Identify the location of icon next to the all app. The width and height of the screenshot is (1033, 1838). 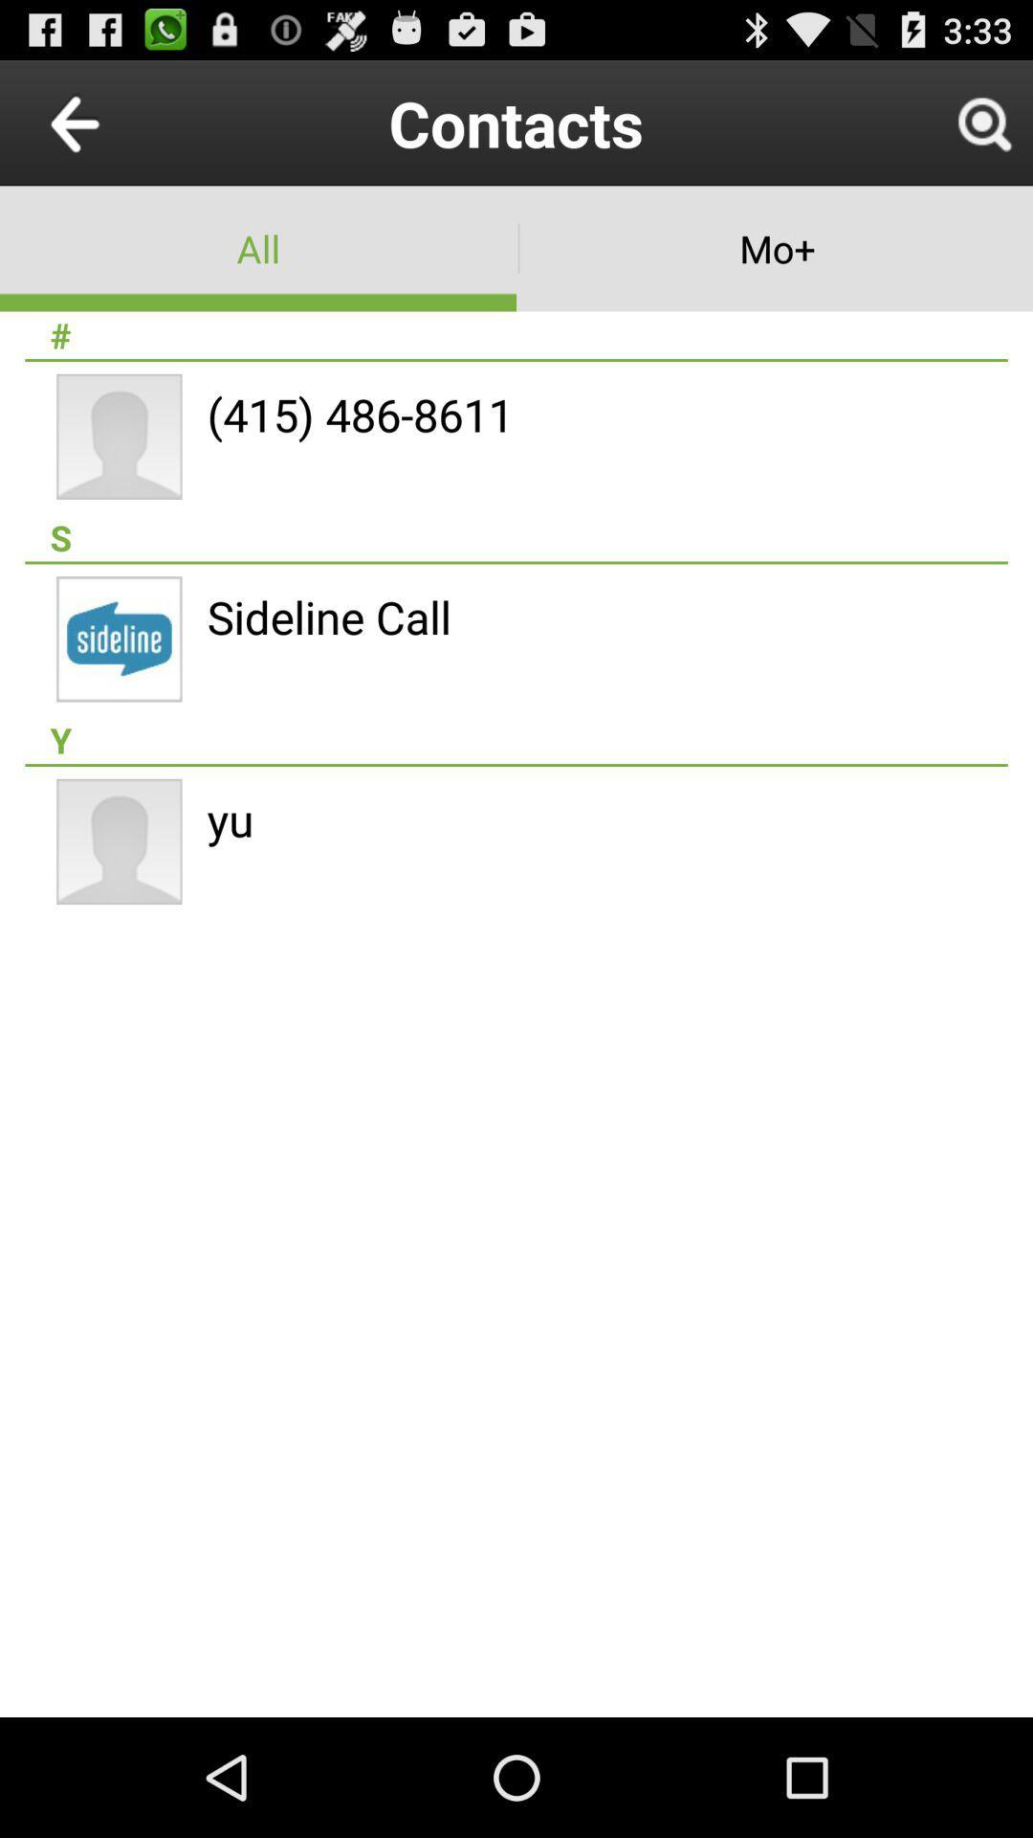
(775, 247).